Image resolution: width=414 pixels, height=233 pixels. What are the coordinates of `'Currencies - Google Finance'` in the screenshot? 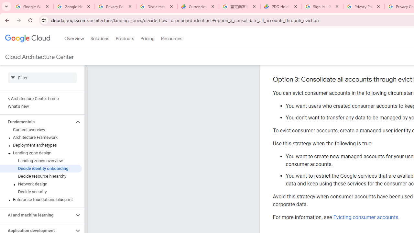 It's located at (198, 6).